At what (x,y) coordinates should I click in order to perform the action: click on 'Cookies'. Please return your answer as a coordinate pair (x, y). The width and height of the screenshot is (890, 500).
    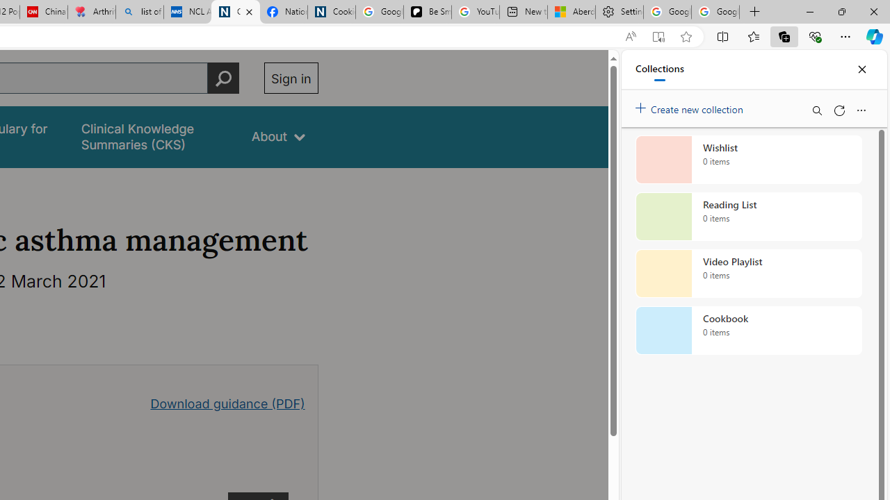
    Looking at the image, I should click on (330, 12).